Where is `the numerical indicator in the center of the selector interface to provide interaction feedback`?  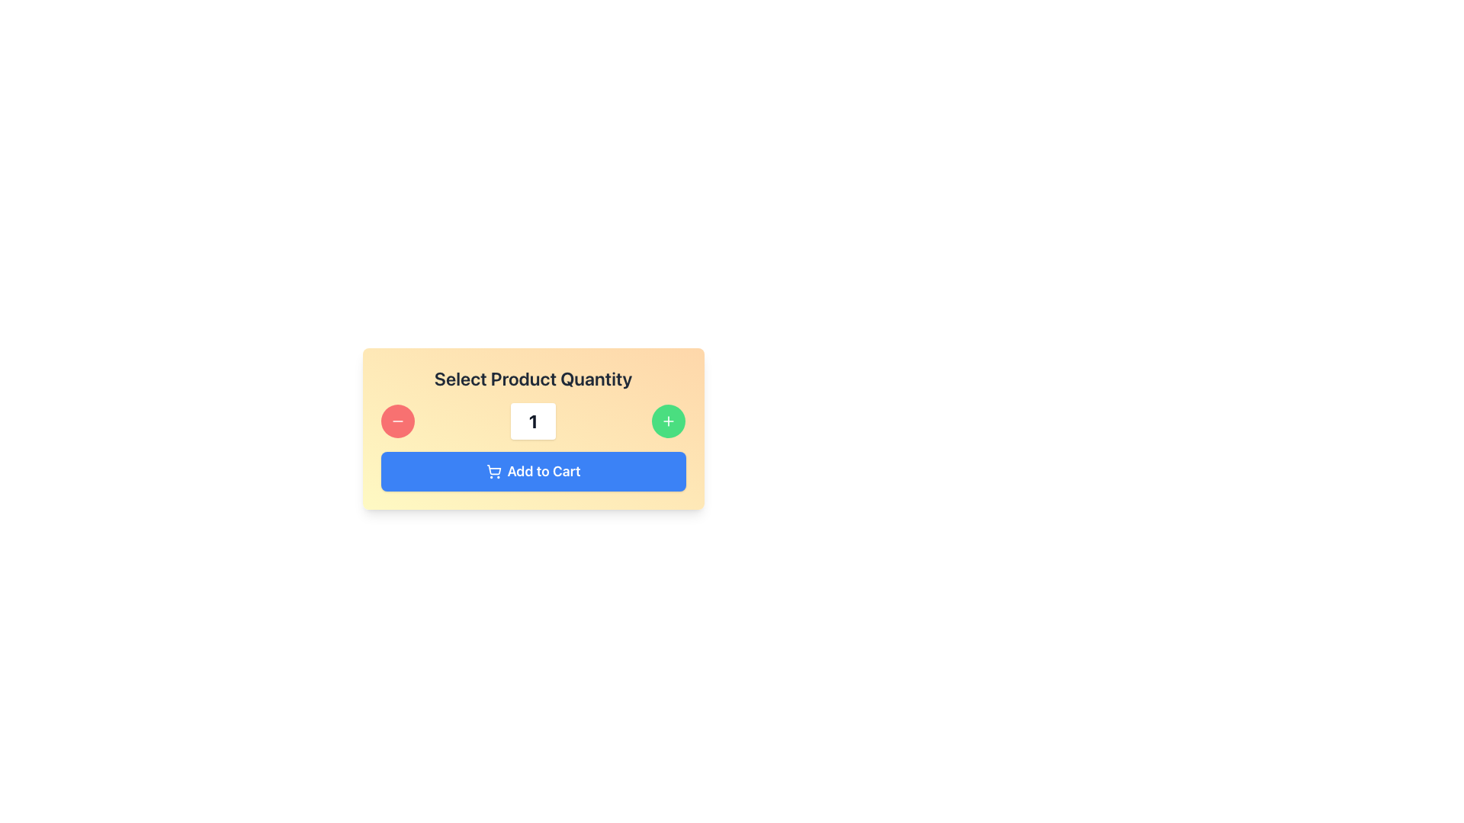
the numerical indicator in the center of the selector interface to provide interaction feedback is located at coordinates (533, 421).